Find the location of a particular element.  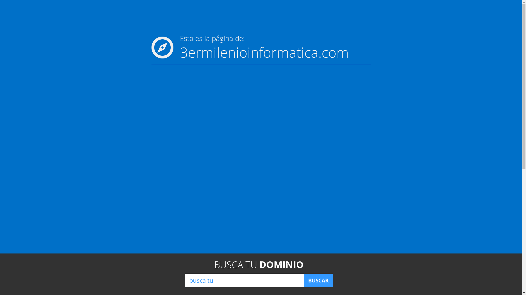

'BUSCAR' is located at coordinates (318, 280).